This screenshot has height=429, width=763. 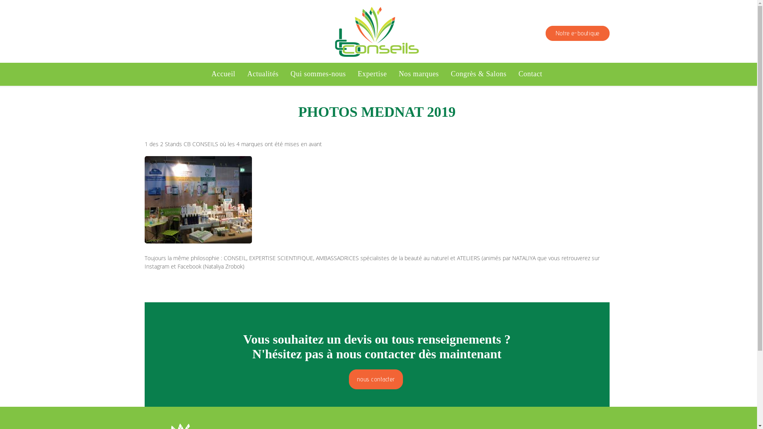 What do you see at coordinates (318, 74) in the screenshot?
I see `'Qui sommes-nous'` at bounding box center [318, 74].